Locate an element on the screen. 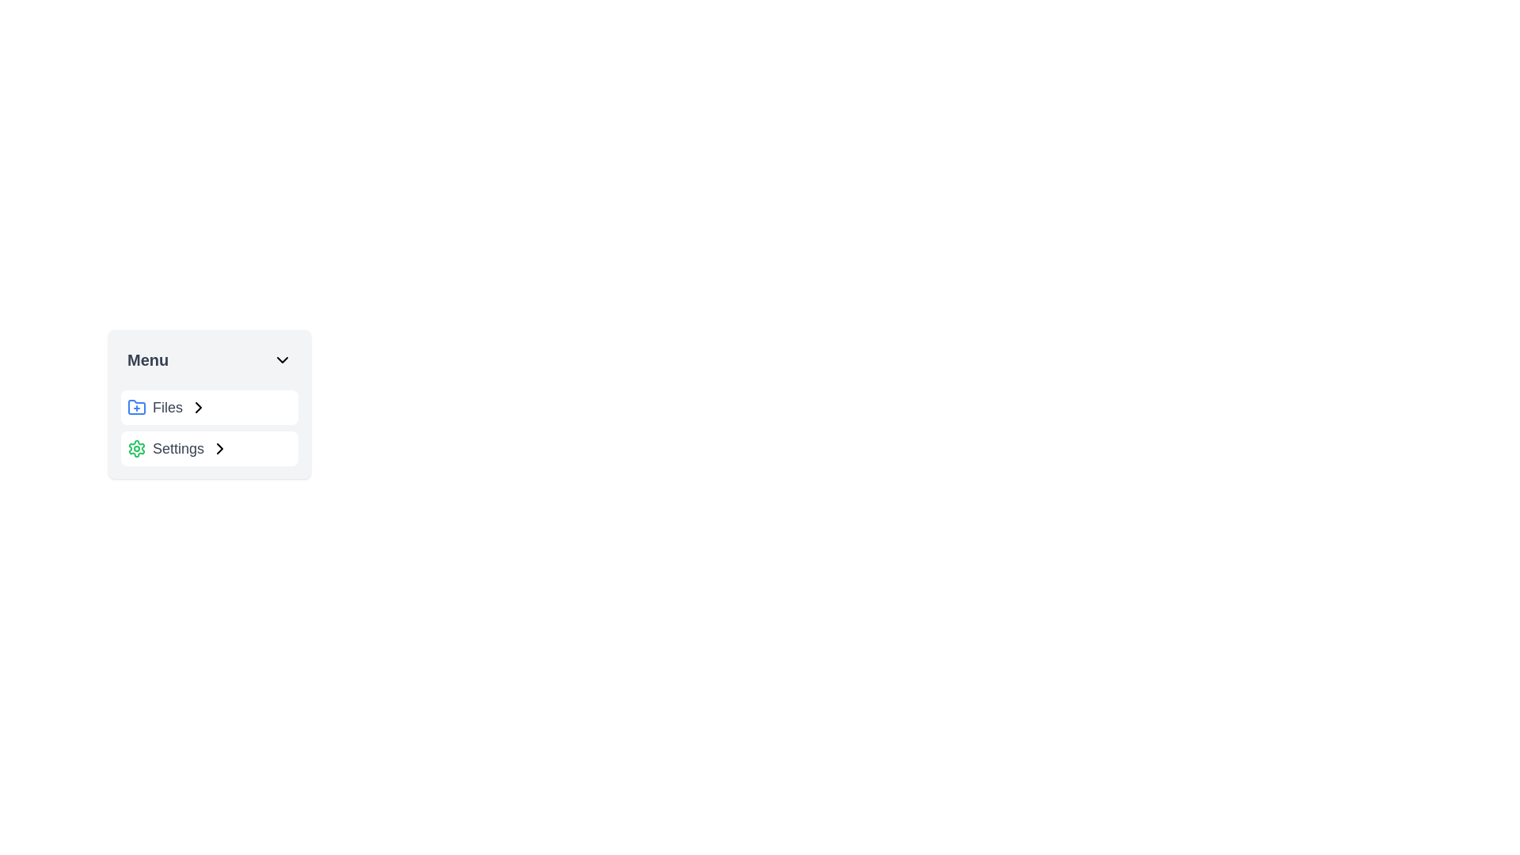 The width and height of the screenshot is (1520, 855). the Right Chevron icon located to the right of the 'Files' text in the 'Files' menu is located at coordinates (197, 407).